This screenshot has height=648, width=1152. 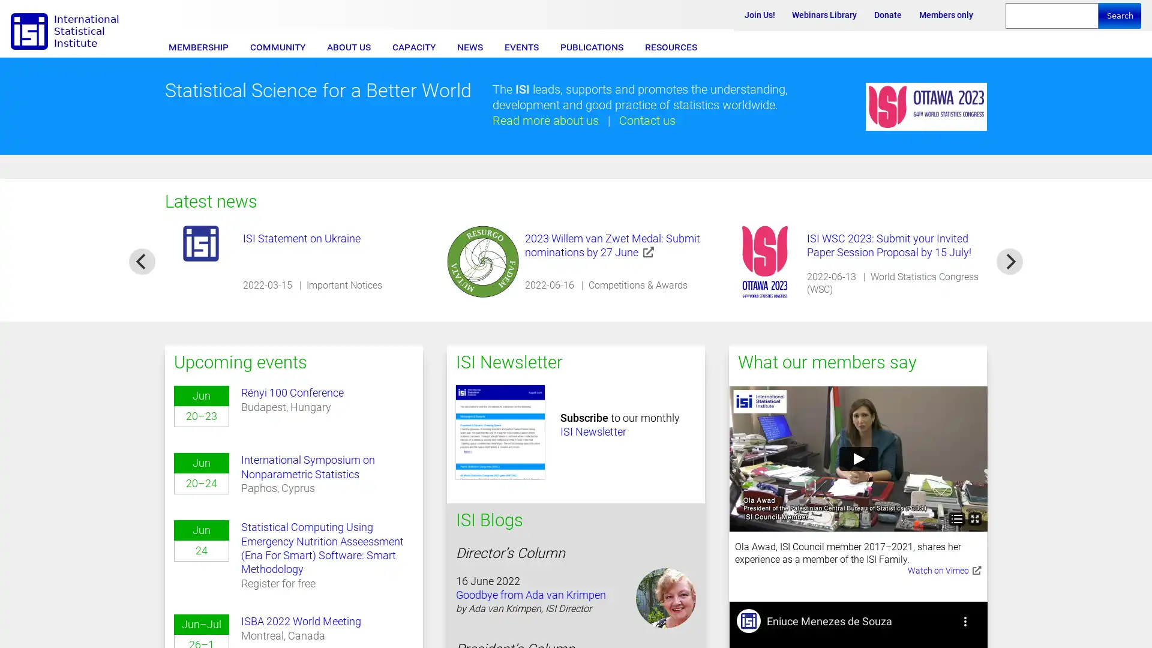 I want to click on next, so click(x=1009, y=260).